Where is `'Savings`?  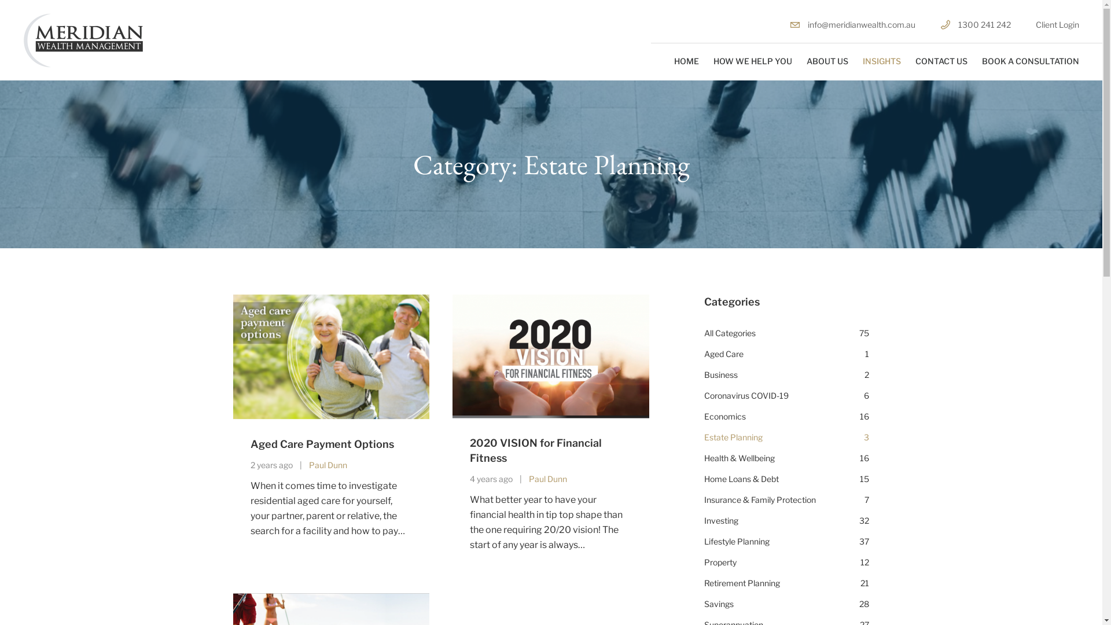
'Savings is located at coordinates (704, 604).